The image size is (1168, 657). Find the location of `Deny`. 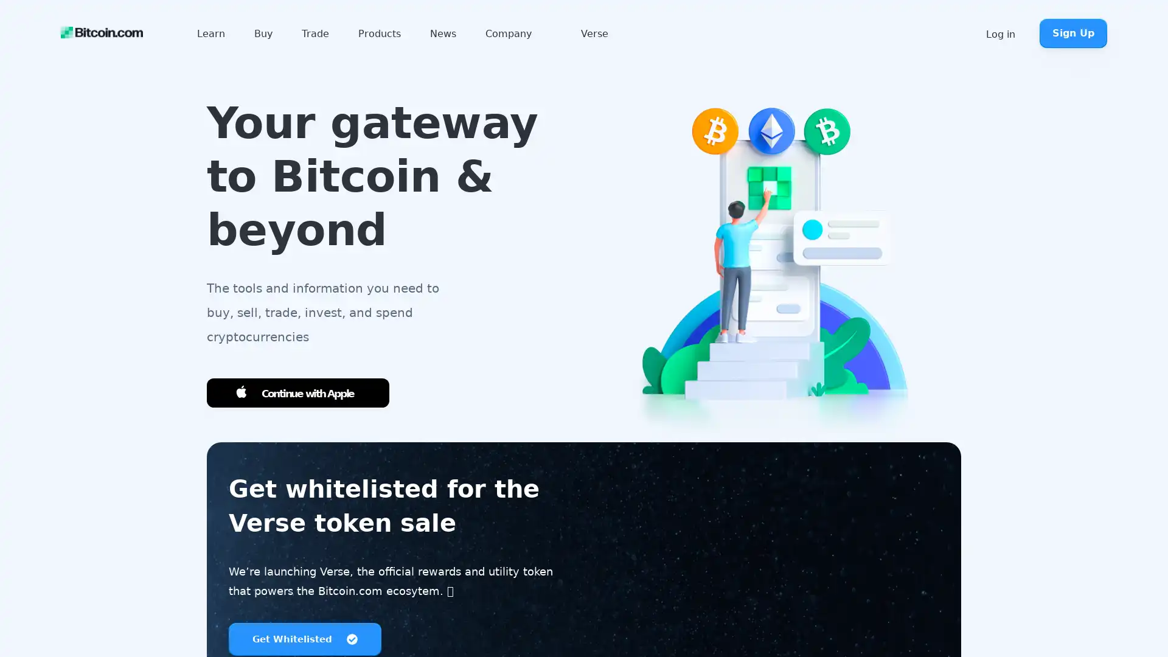

Deny is located at coordinates (1104, 621).